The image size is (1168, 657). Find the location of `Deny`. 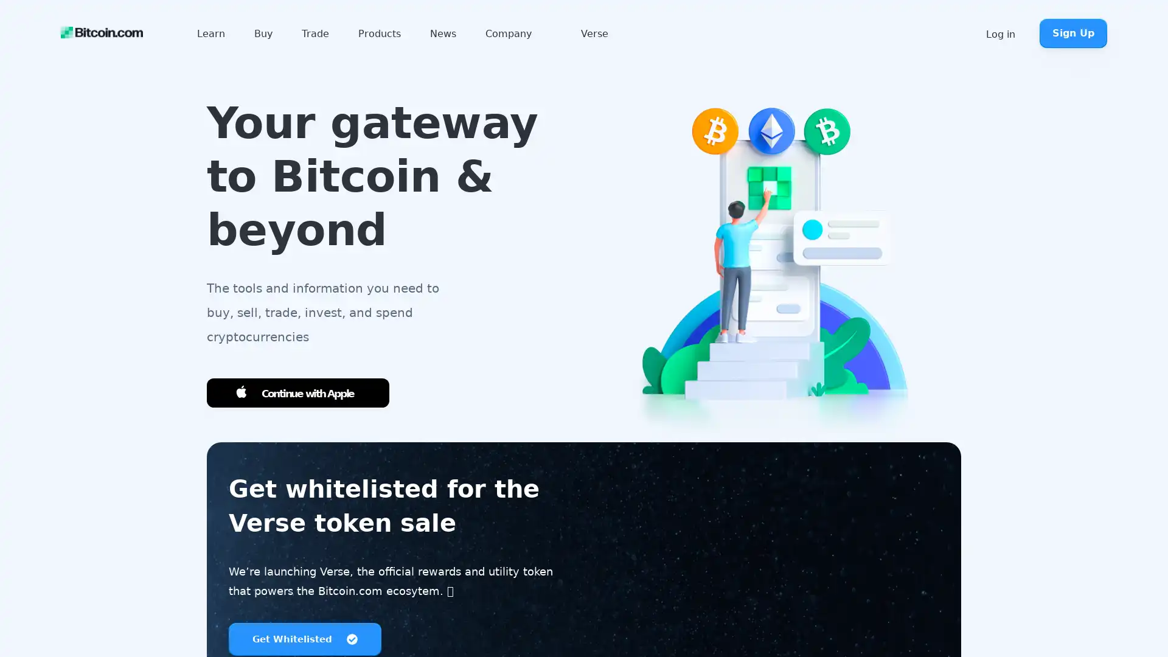

Deny is located at coordinates (1104, 621).